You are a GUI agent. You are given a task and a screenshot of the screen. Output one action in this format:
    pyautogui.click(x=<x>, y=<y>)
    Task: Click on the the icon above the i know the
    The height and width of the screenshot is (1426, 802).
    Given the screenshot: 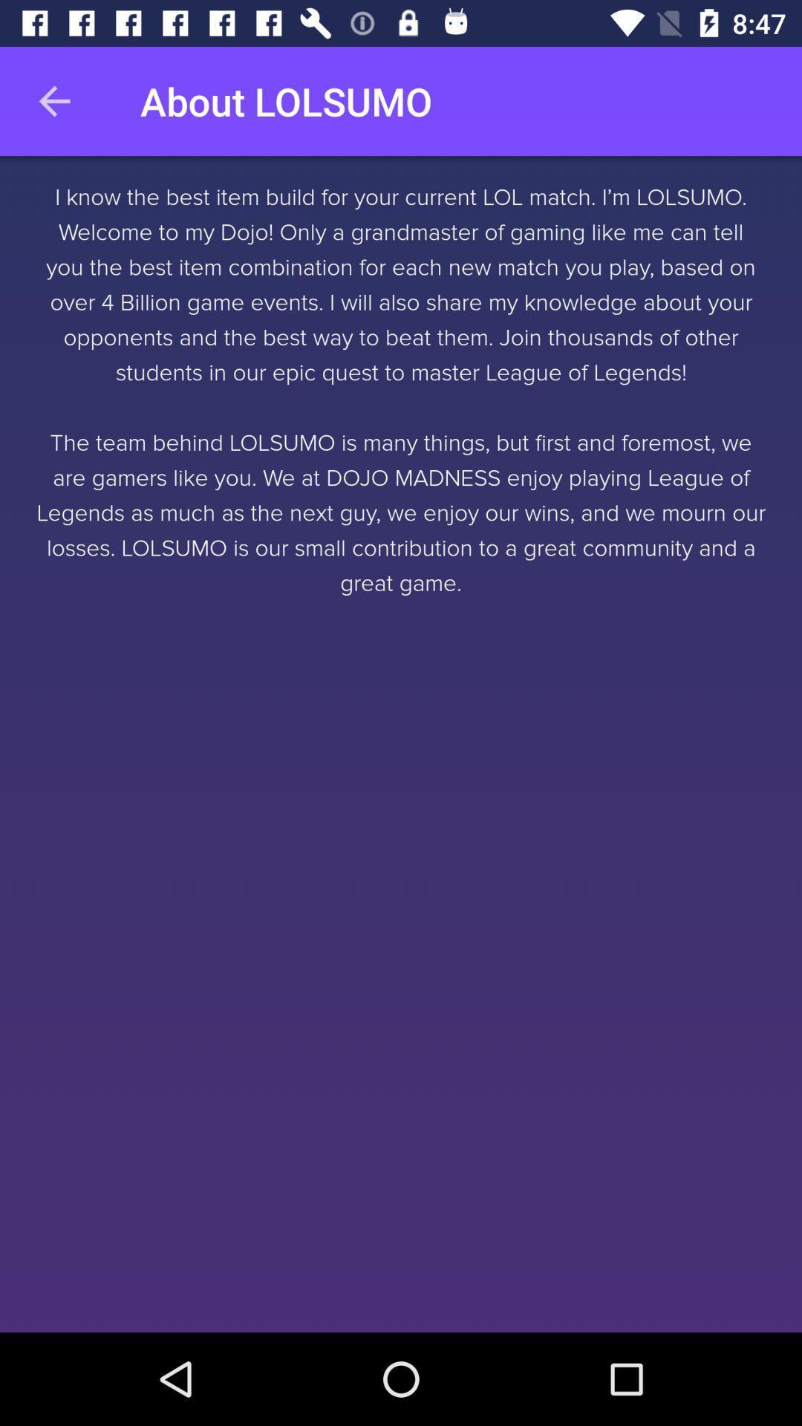 What is the action you would take?
    pyautogui.click(x=53, y=100)
    